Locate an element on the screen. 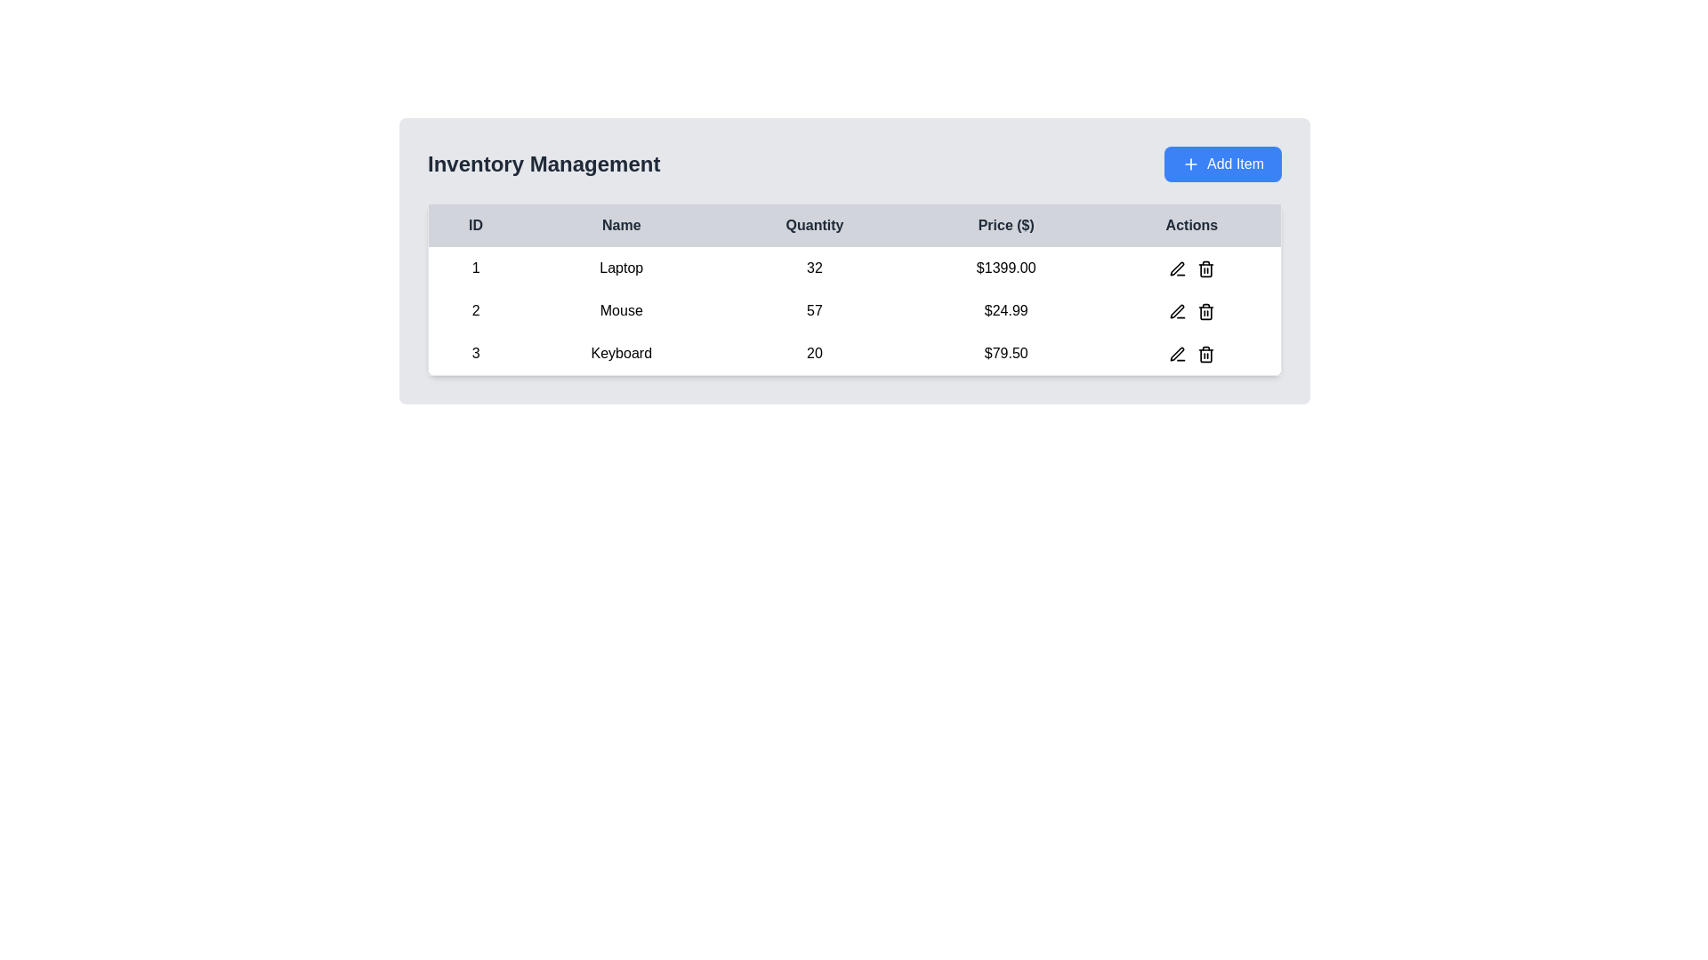  the table header cell labeled 'Price ($)', which is styled in bold, dark-gray text on a light gray background is located at coordinates (1006, 224).